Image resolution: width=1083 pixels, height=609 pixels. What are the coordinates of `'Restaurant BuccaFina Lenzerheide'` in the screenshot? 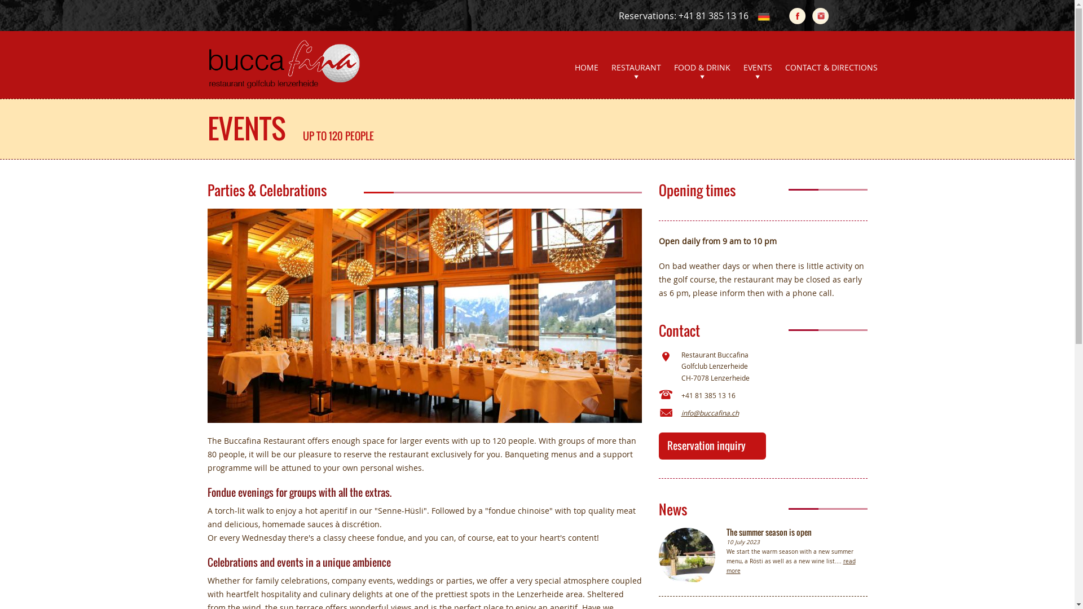 It's located at (284, 59).